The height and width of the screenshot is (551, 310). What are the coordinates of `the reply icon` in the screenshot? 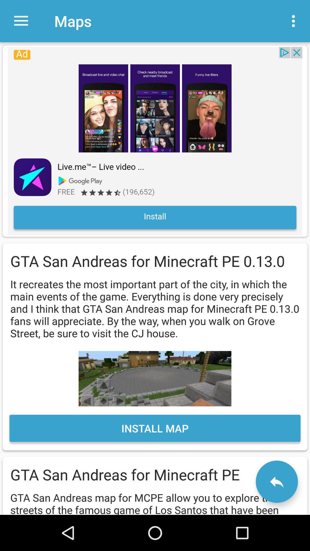 It's located at (276, 482).